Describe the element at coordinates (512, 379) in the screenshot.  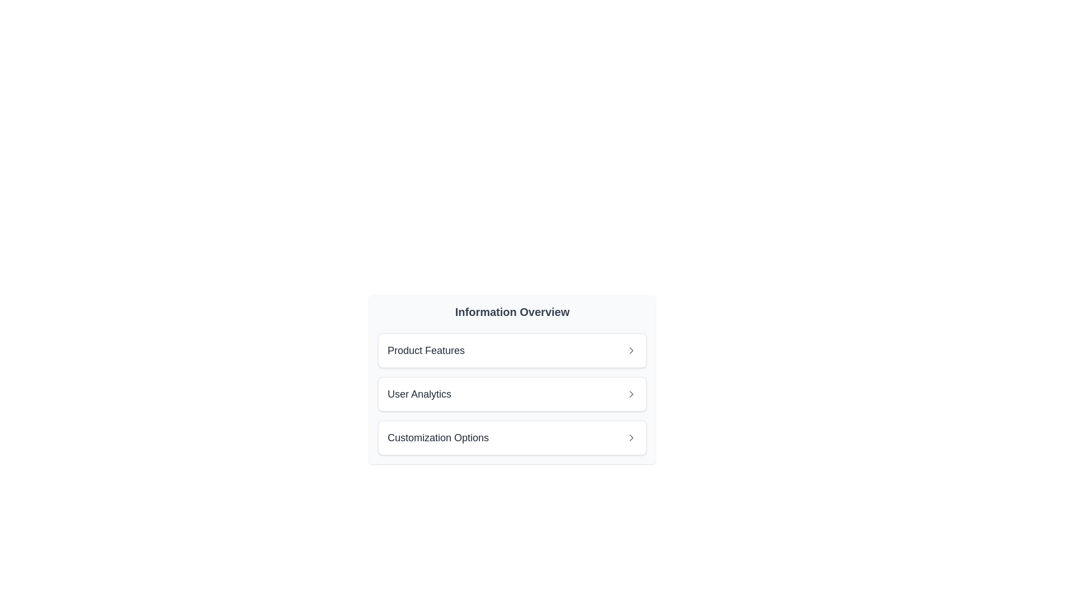
I see `the navigational link item located beneath the title 'Information Overview', positioned between 'Product Features' and 'Customization Options'` at that location.